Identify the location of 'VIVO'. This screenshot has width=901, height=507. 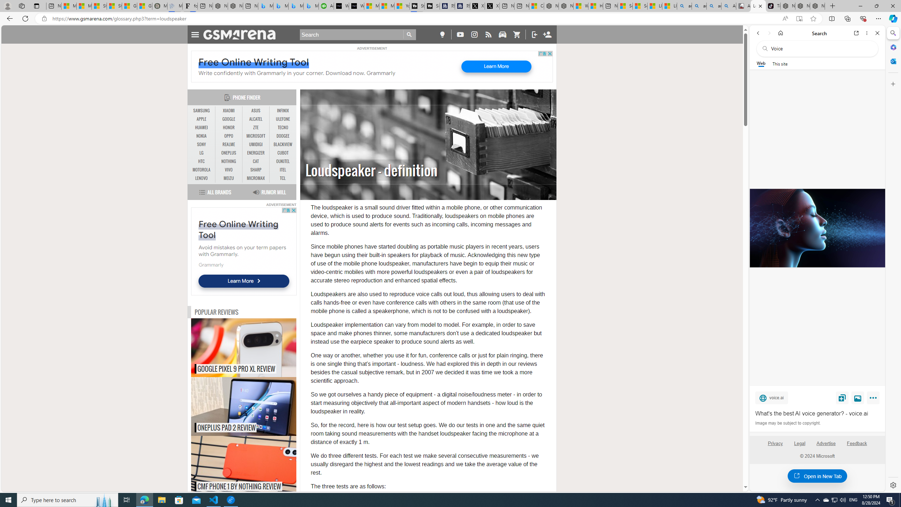
(228, 170).